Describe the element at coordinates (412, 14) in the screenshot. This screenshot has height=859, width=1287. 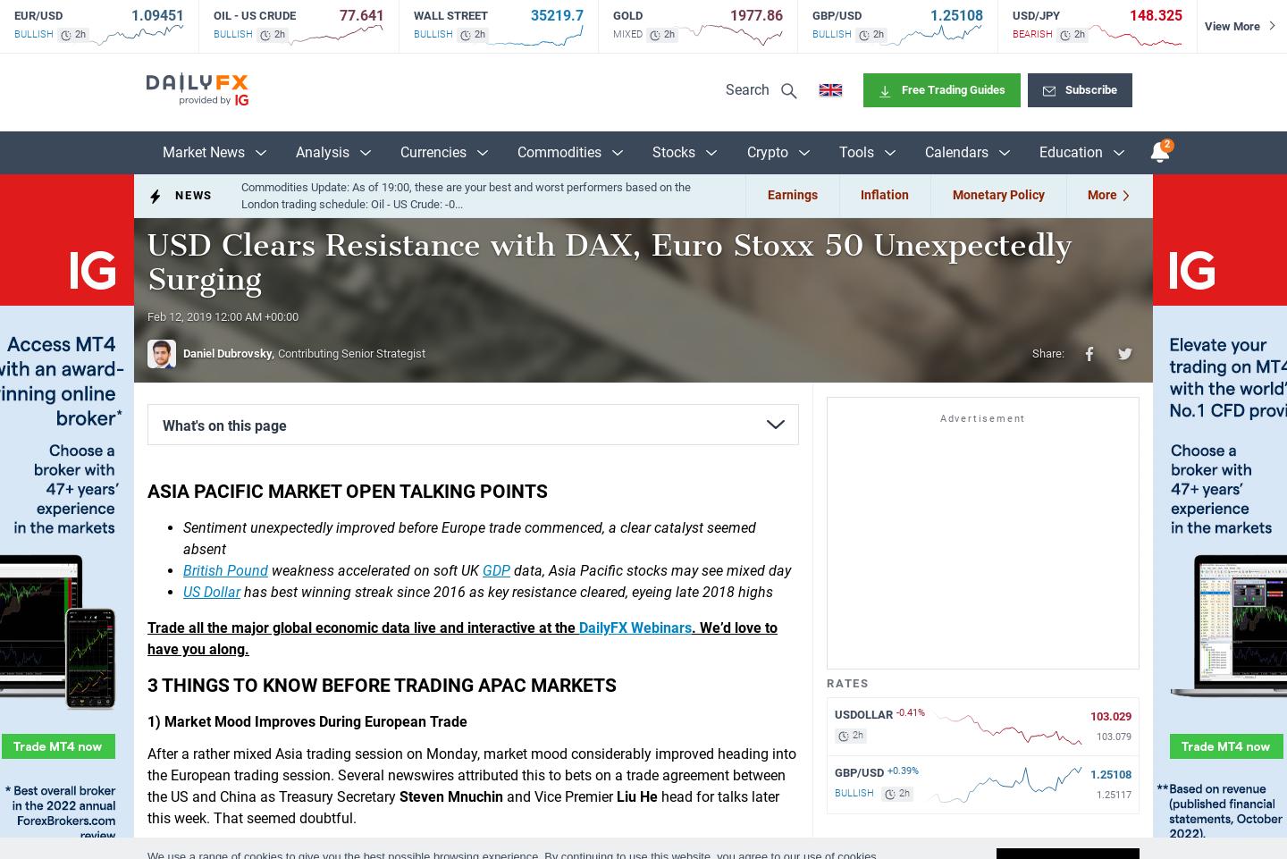
I see `'Wall Street'` at that location.